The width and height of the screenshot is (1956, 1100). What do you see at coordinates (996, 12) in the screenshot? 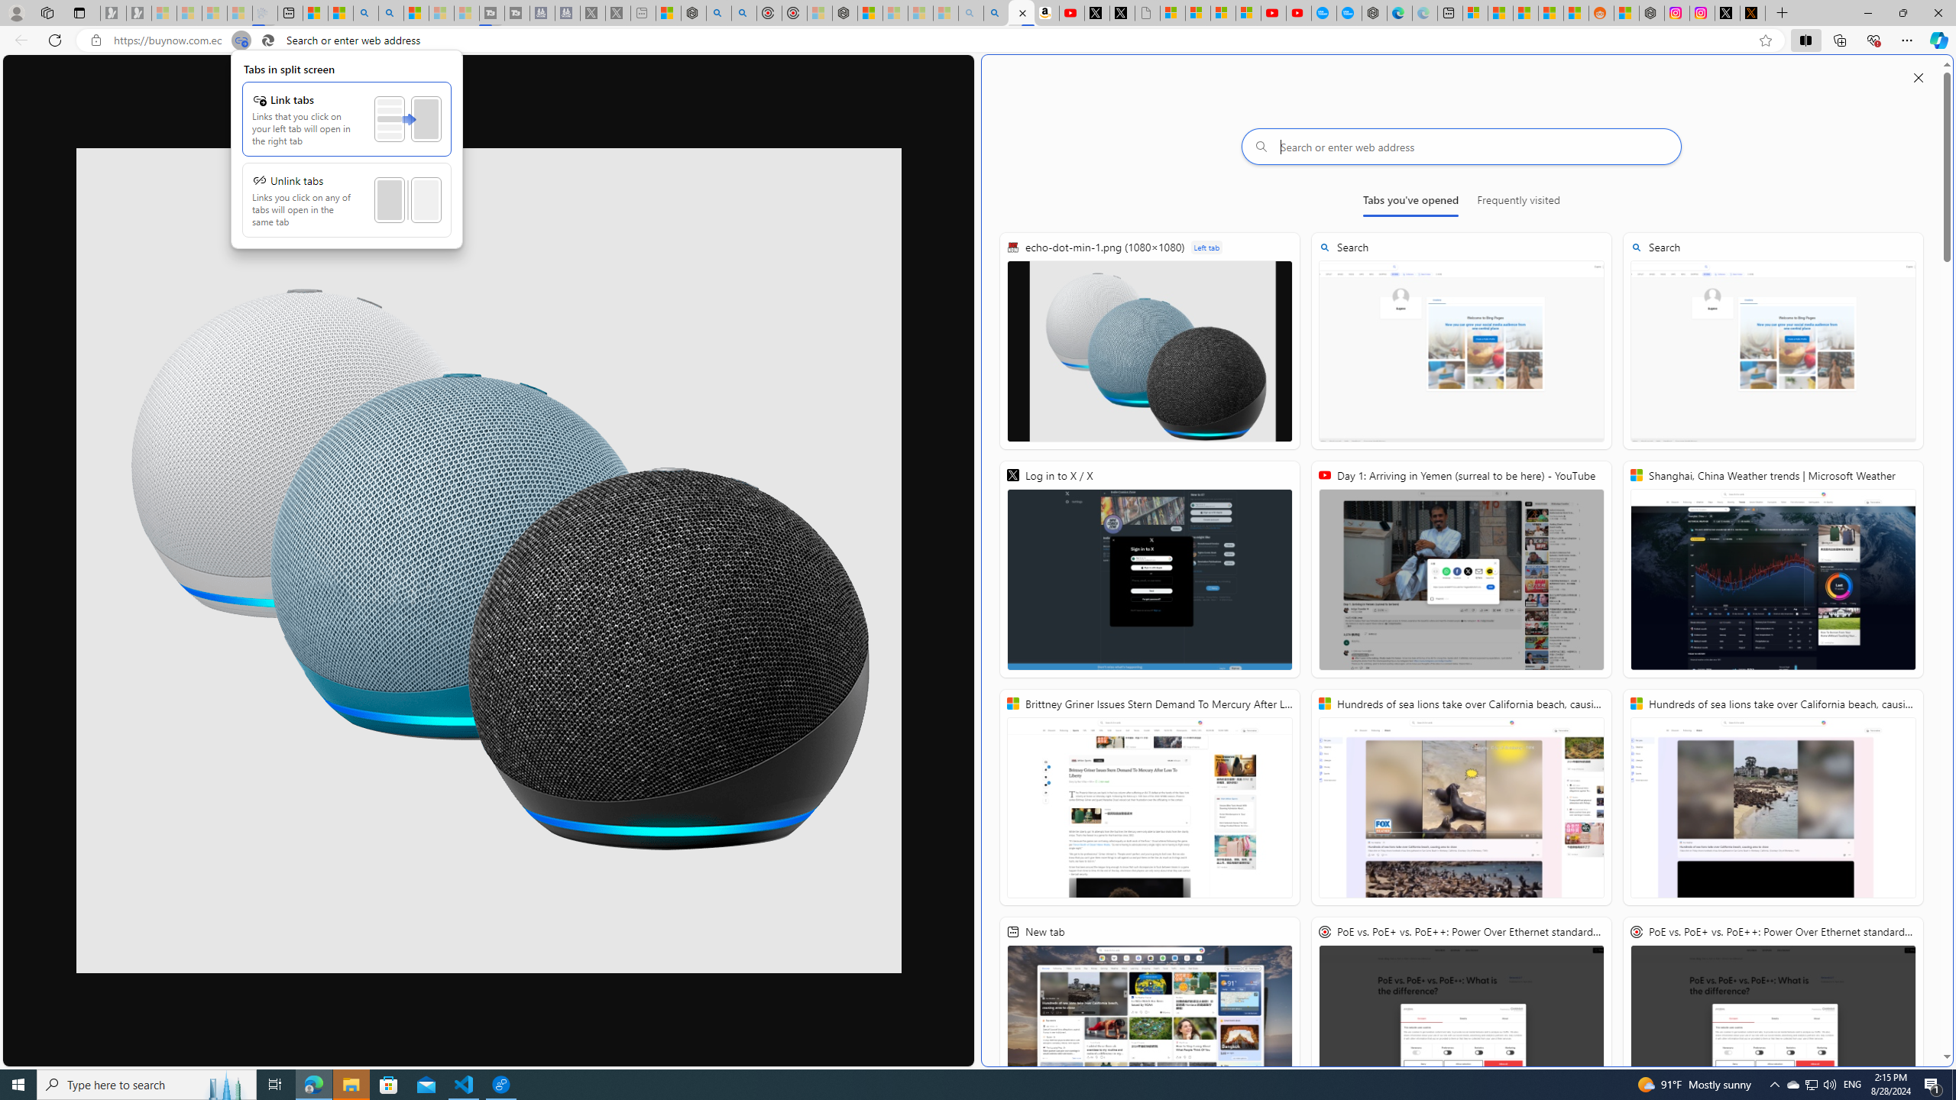
I see `'Amazon Echo Dot PNG - Search Images'` at bounding box center [996, 12].